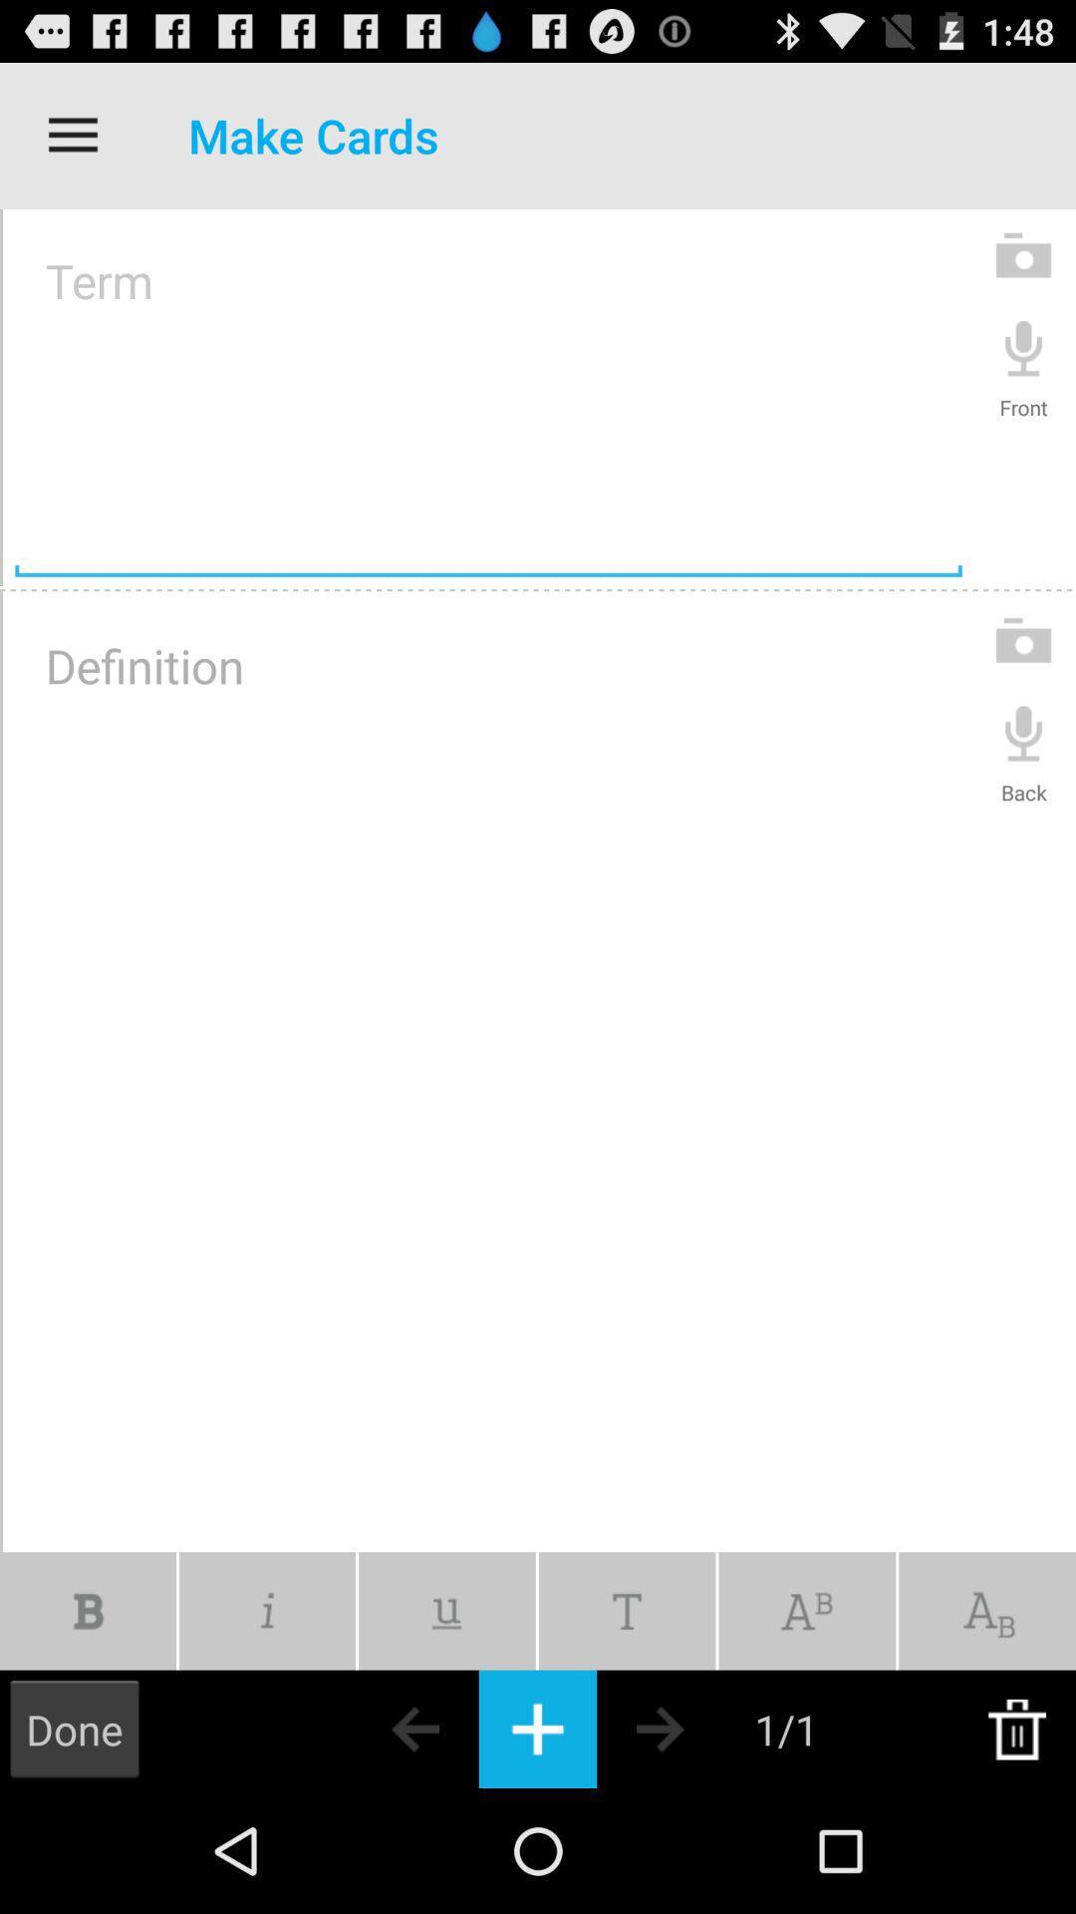  Describe the element at coordinates (538, 1728) in the screenshot. I see `new card` at that location.